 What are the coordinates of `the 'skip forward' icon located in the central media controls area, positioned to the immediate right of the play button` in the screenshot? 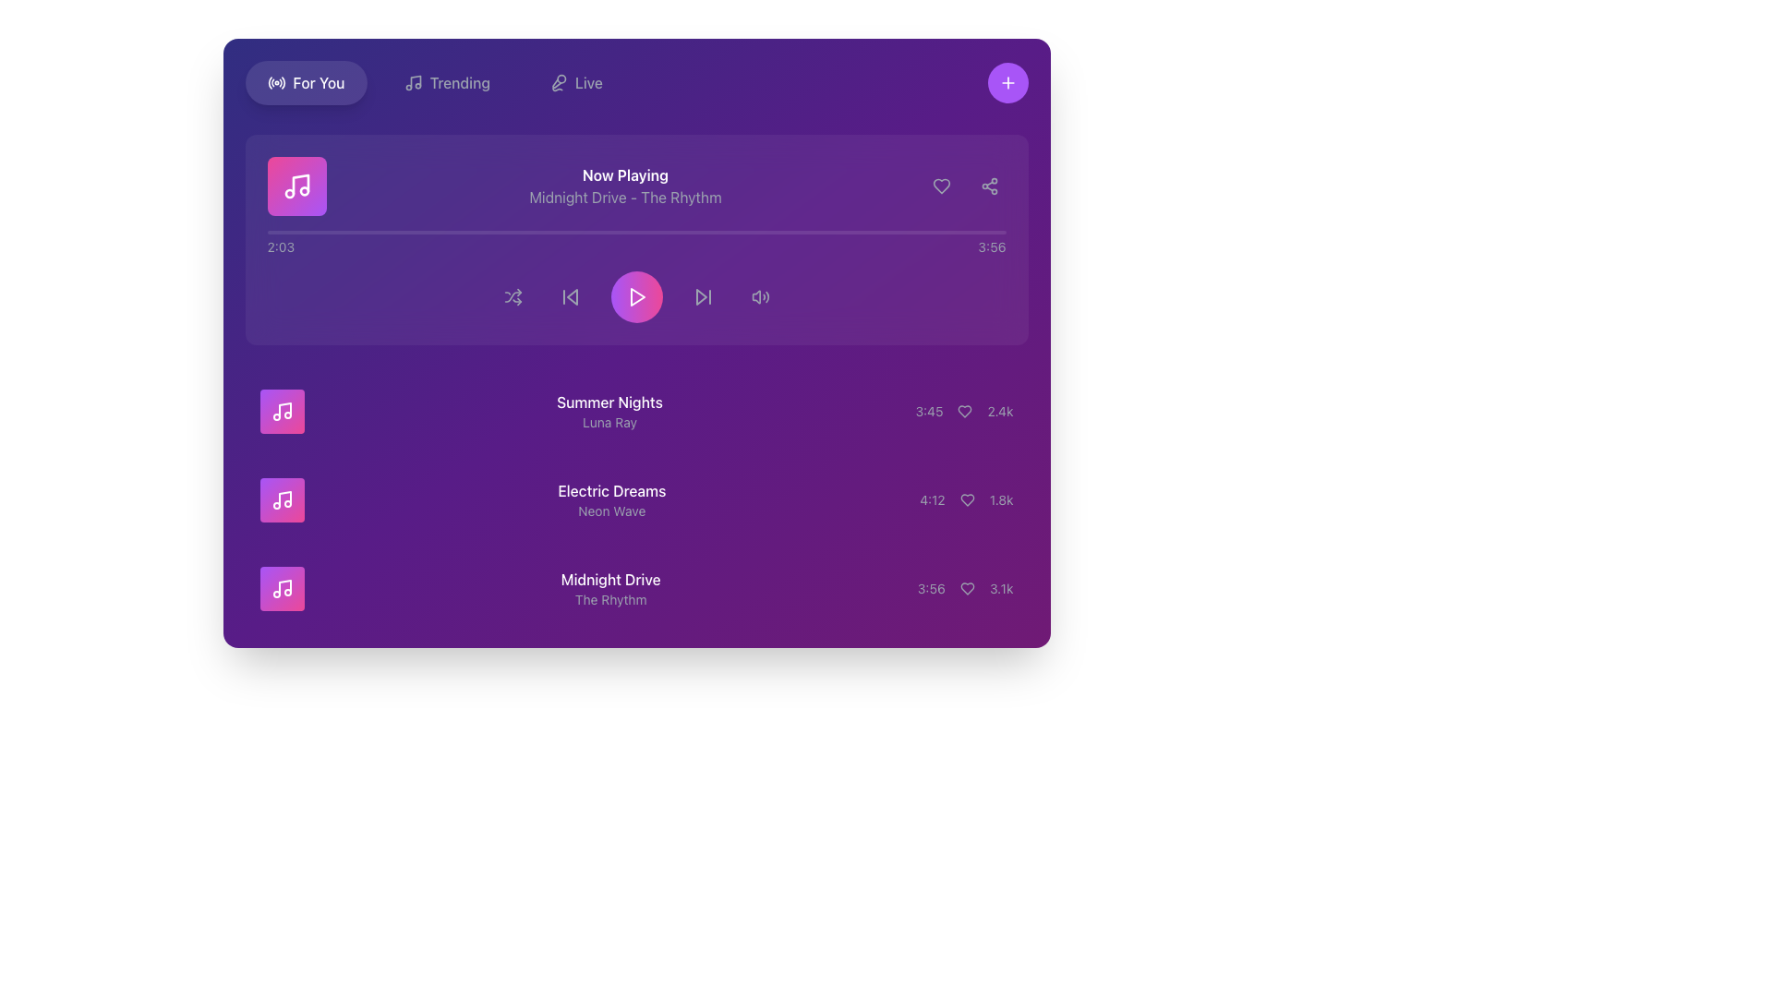 It's located at (700, 295).